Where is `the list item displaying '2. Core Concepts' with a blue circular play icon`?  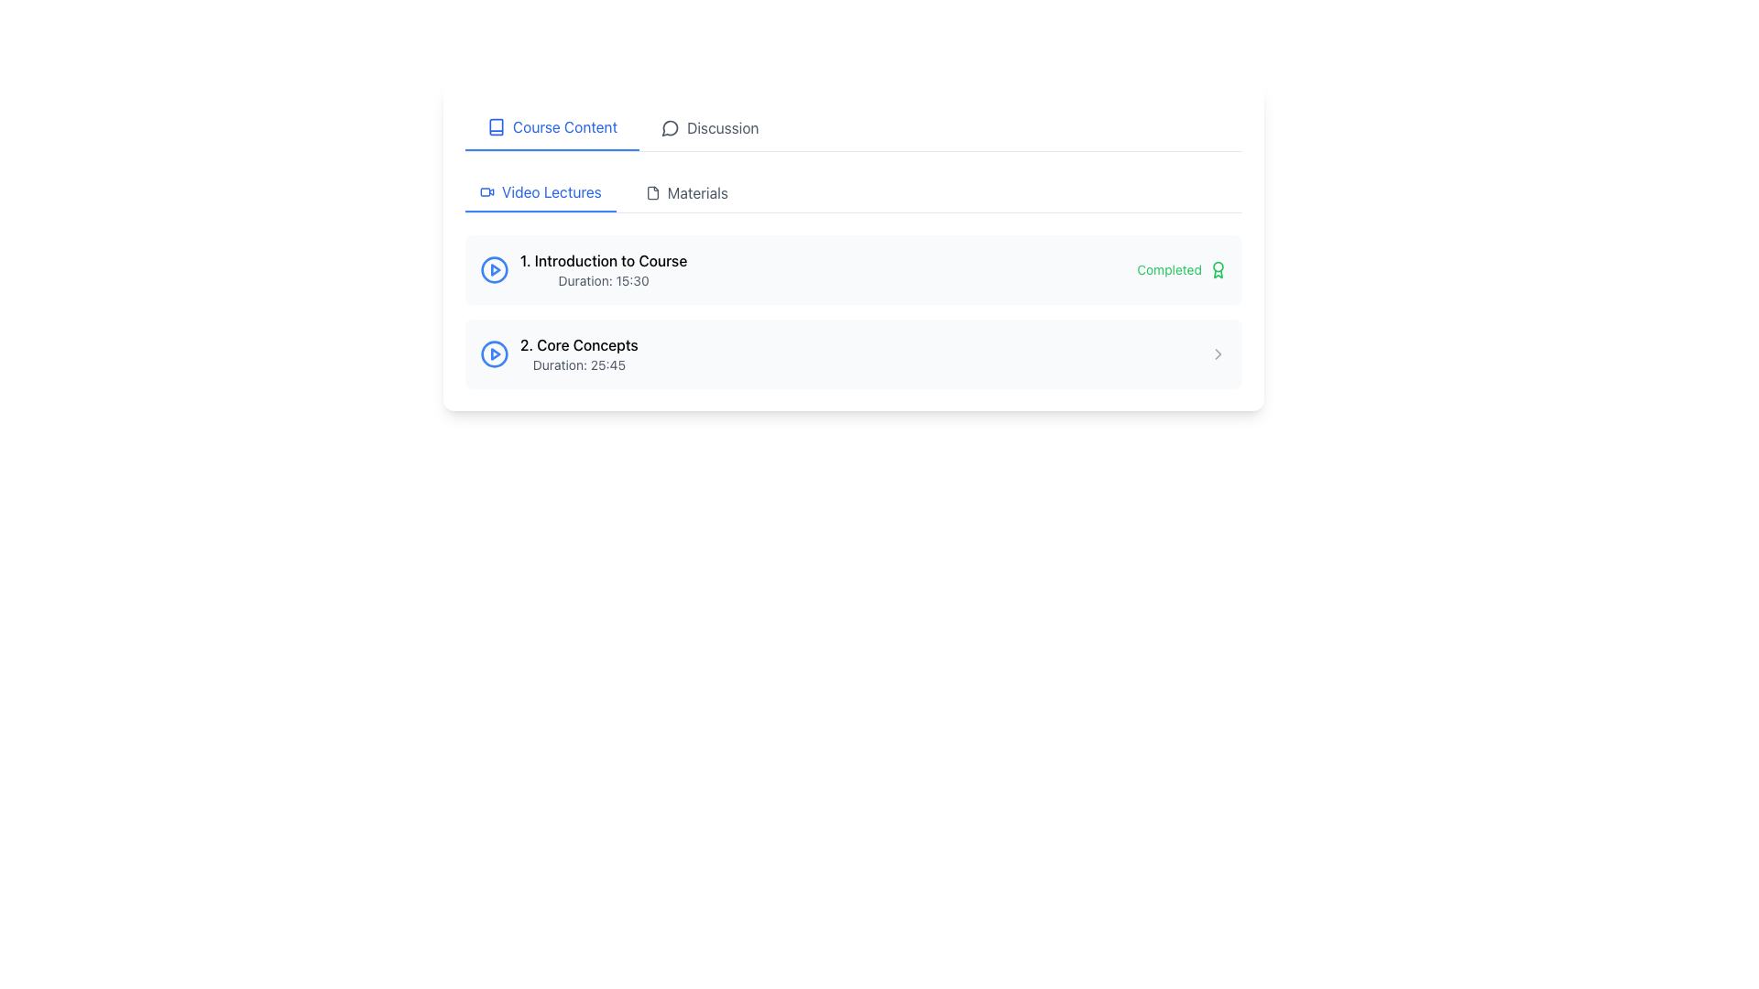 the list item displaying '2. Core Concepts' with a blue circular play icon is located at coordinates (558, 353).